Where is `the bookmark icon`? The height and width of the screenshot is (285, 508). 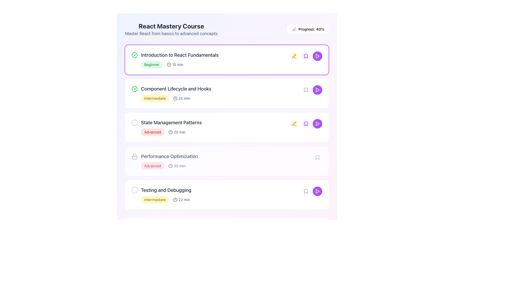 the bookmark icon is located at coordinates (306, 191).